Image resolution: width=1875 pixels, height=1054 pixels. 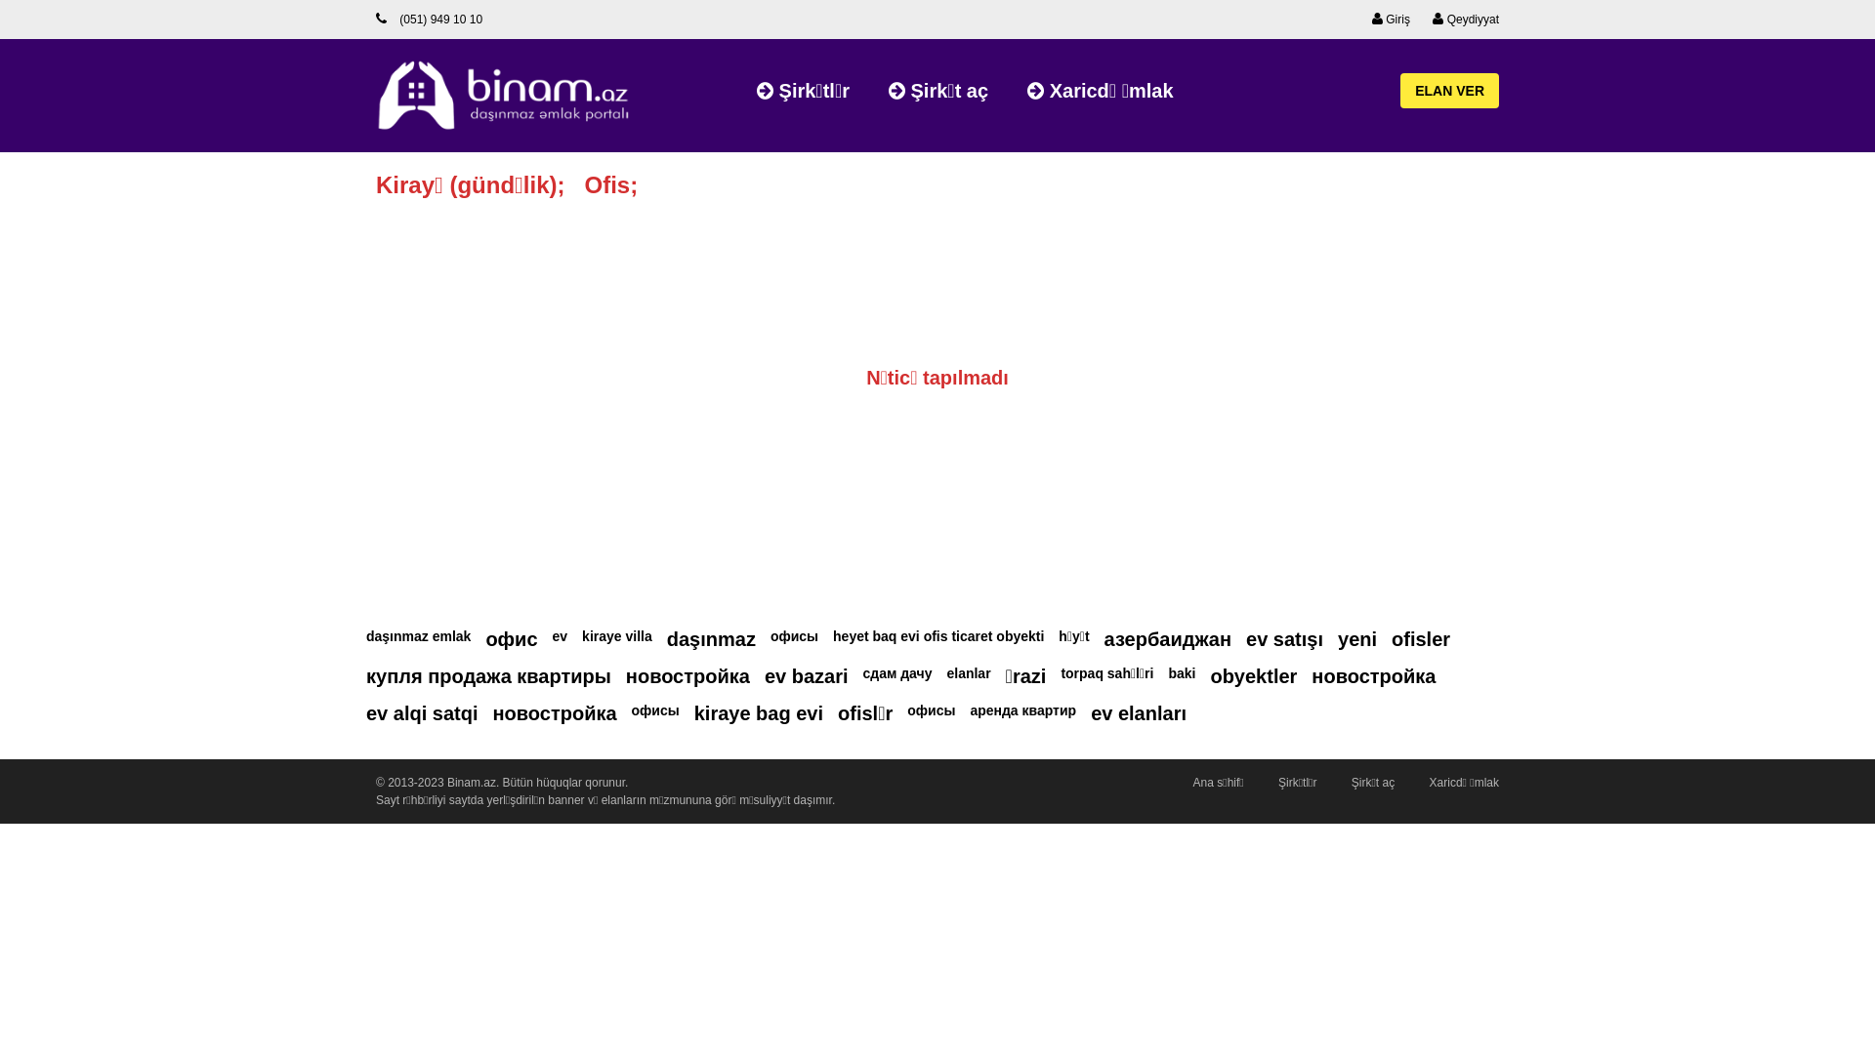 What do you see at coordinates (1356, 639) in the screenshot?
I see `'yeni'` at bounding box center [1356, 639].